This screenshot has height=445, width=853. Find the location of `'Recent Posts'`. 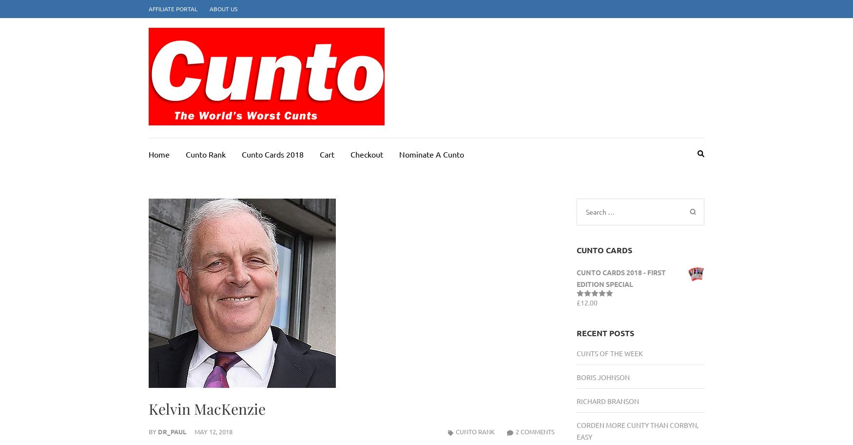

'Recent Posts' is located at coordinates (575, 332).